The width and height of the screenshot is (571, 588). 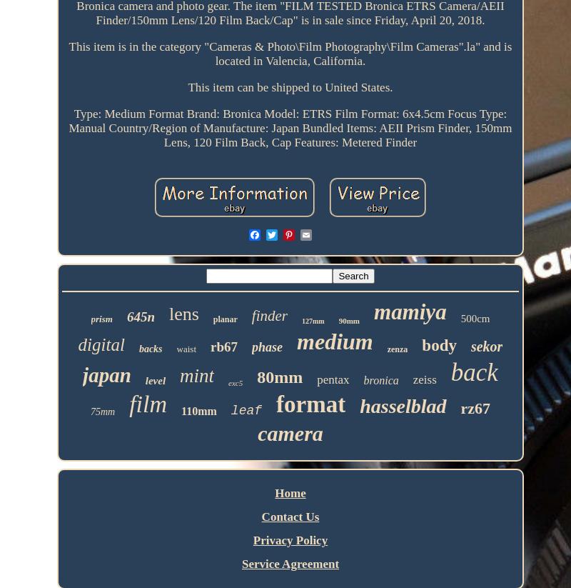 What do you see at coordinates (106, 374) in the screenshot?
I see `'japan'` at bounding box center [106, 374].